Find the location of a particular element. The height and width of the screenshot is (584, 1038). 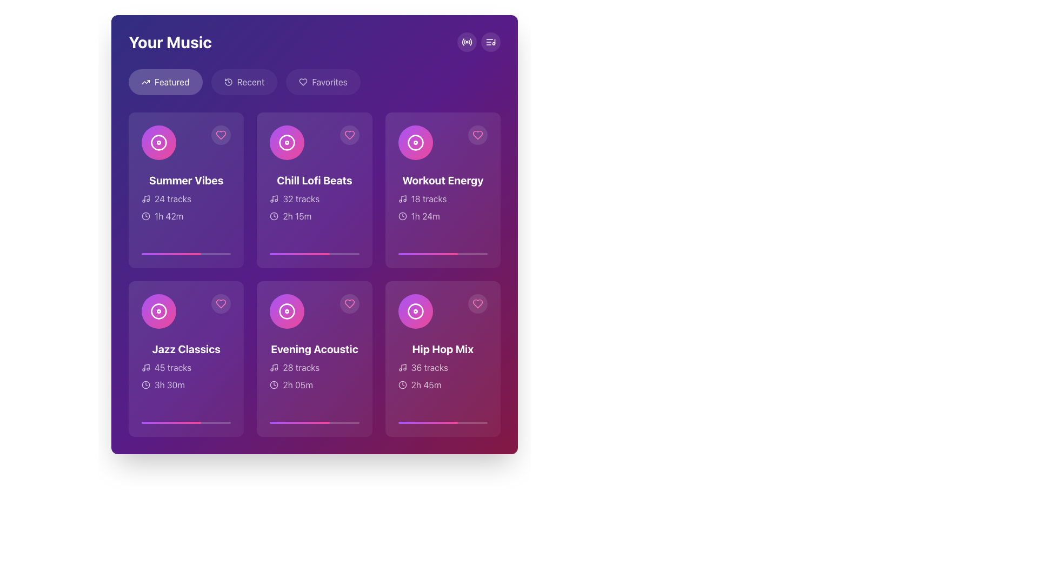

SVG circle element that represents part of the clock in the 'Workout Energy' card located in the top-right corner of the grid for debug purposes is located at coordinates (402, 216).